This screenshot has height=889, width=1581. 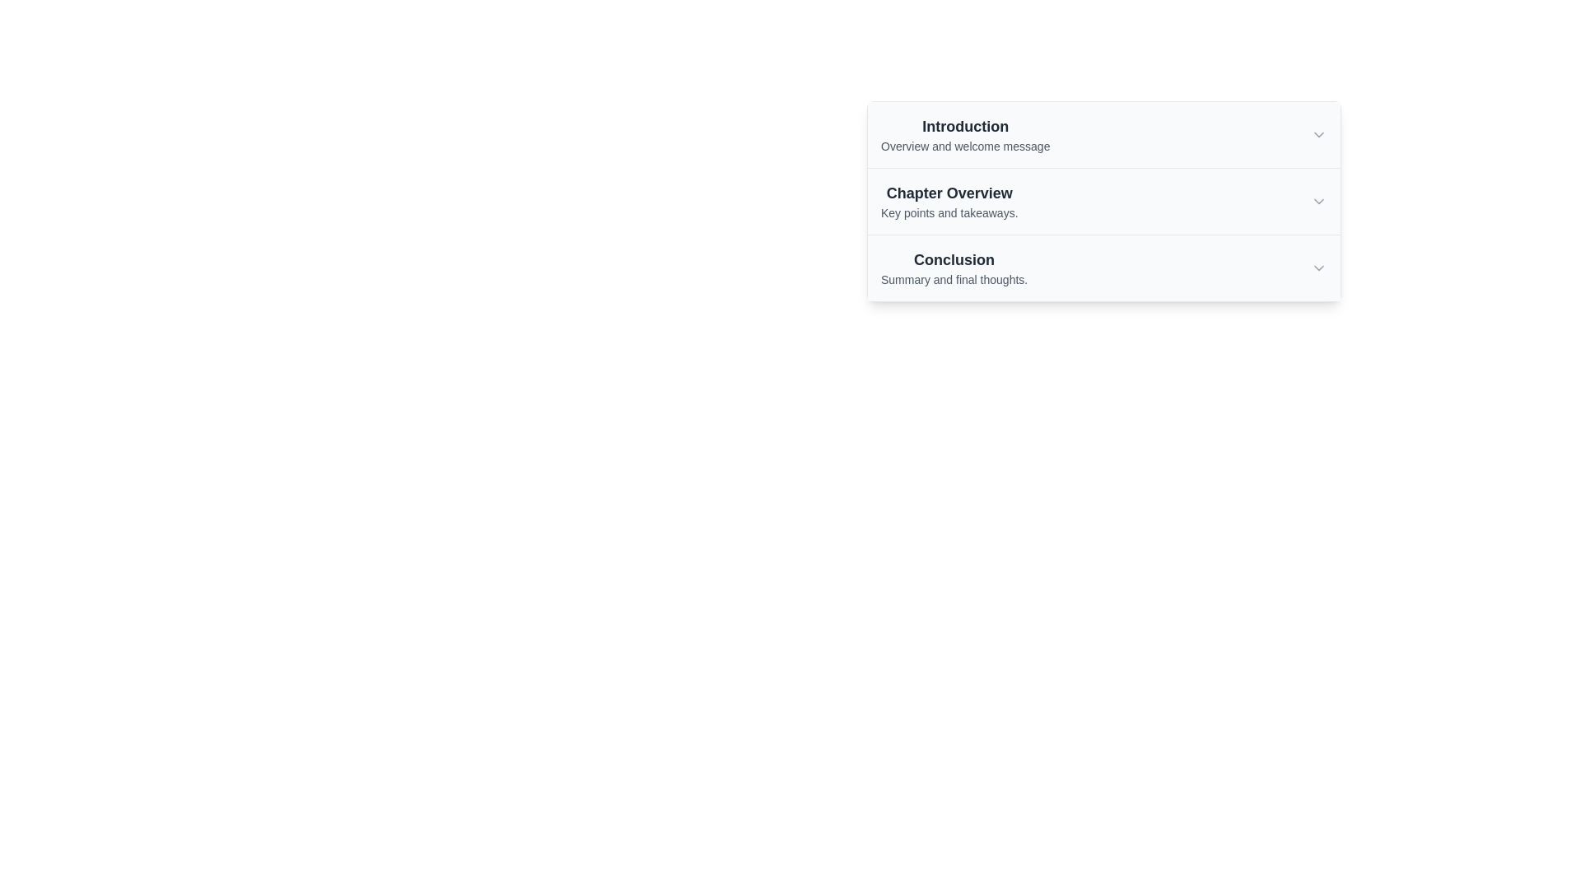 What do you see at coordinates (949, 201) in the screenshot?
I see `the text block containing the heading and description, positioned below 'Introduction' and above 'Conclusion', with a light gray background` at bounding box center [949, 201].